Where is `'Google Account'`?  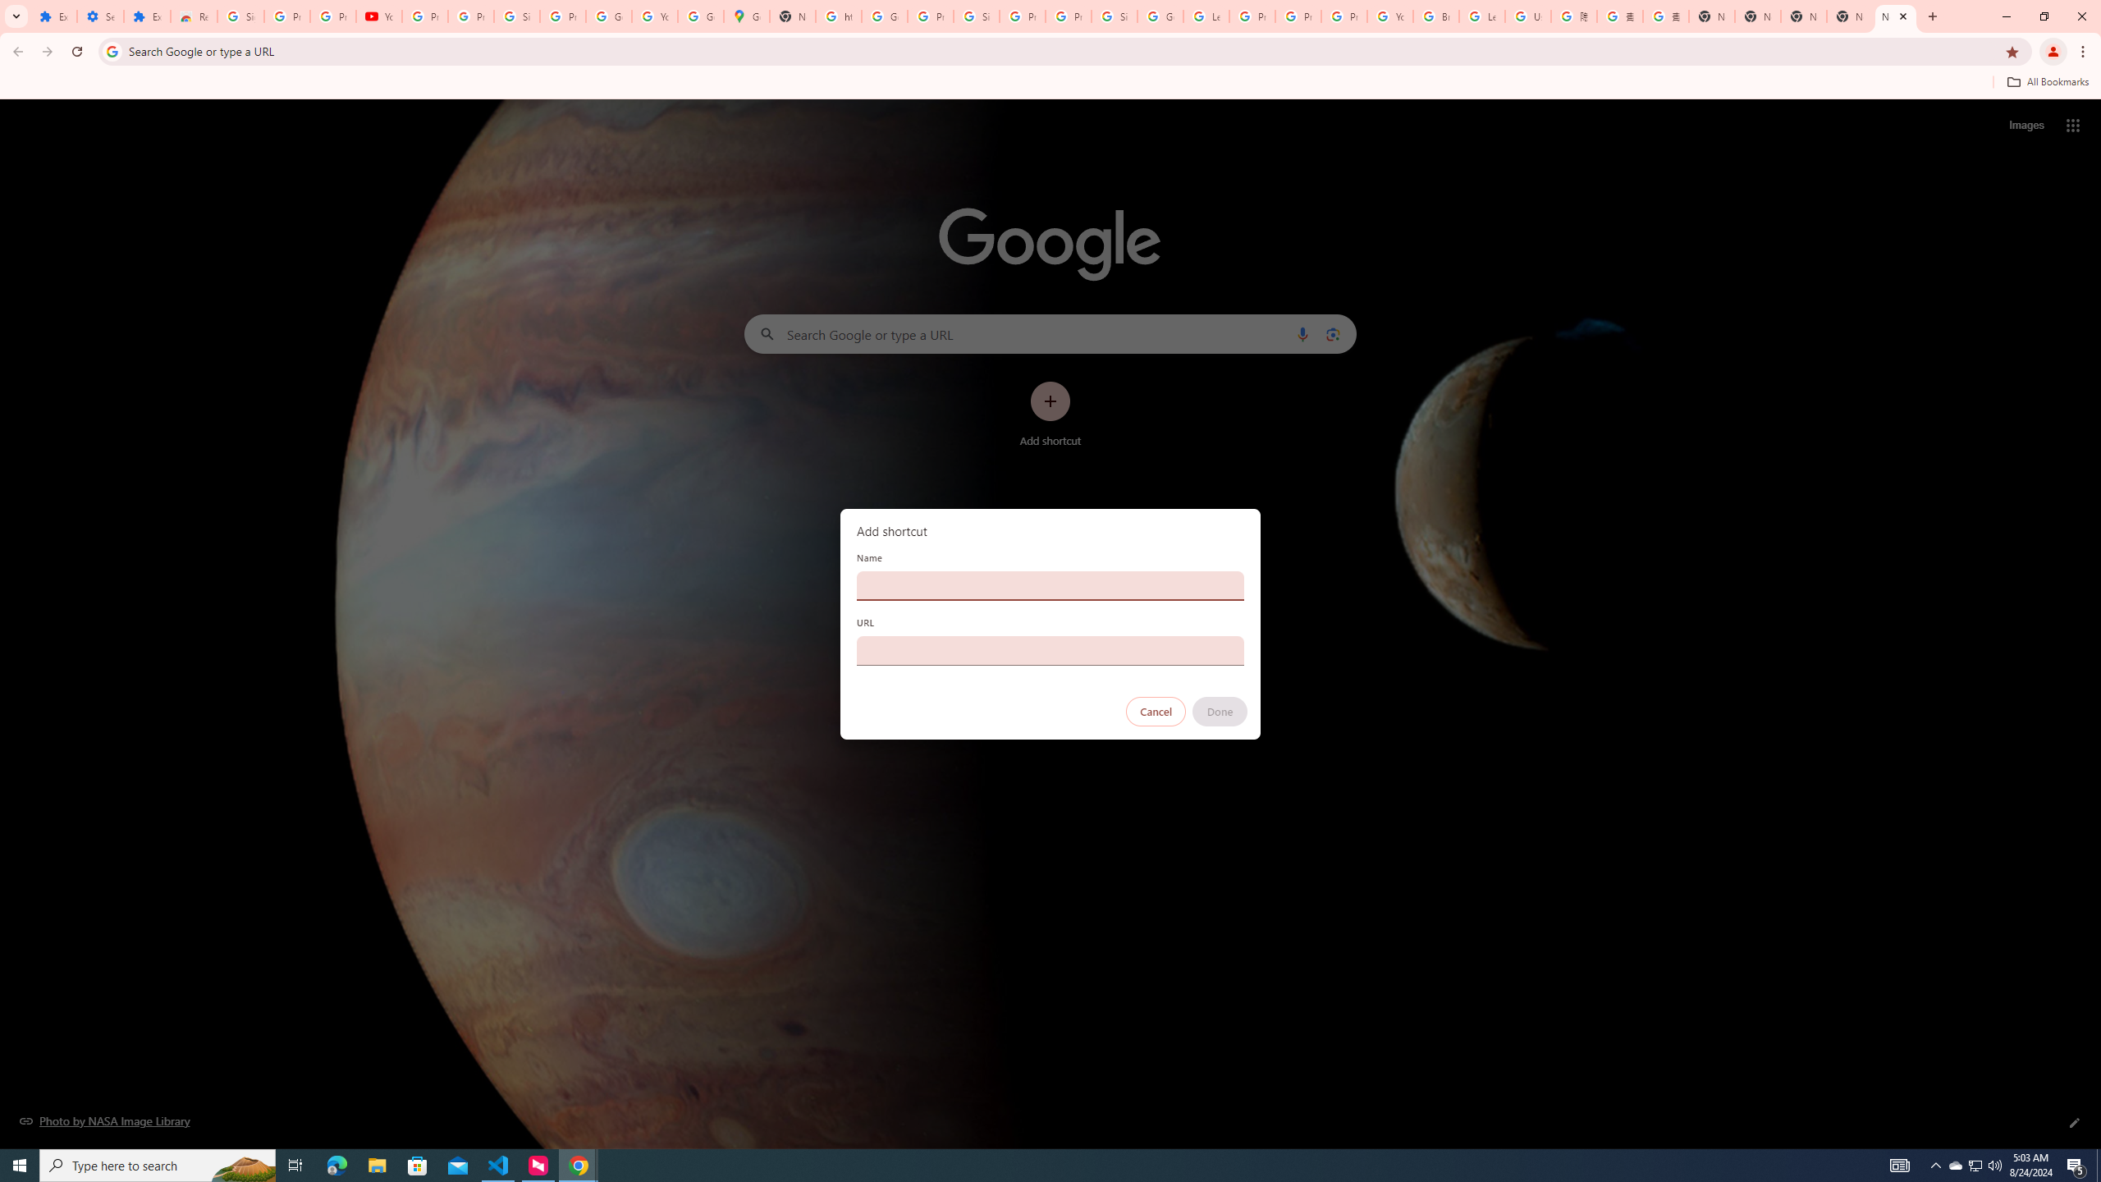 'Google Account' is located at coordinates (608, 16).